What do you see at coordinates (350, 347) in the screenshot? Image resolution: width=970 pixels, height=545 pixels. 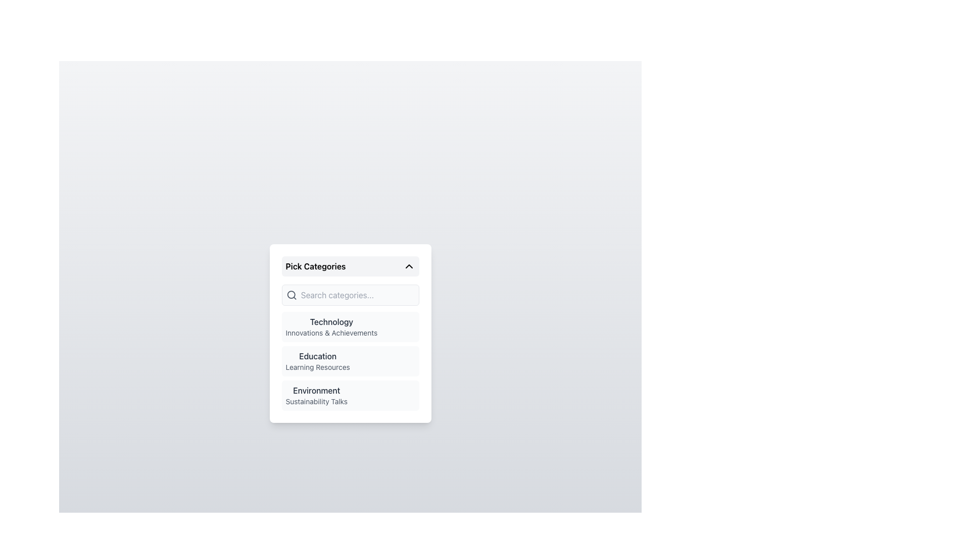 I see `the selectable category item labeled 'Education' in the dropdown titled 'Pick Categories'` at bounding box center [350, 347].